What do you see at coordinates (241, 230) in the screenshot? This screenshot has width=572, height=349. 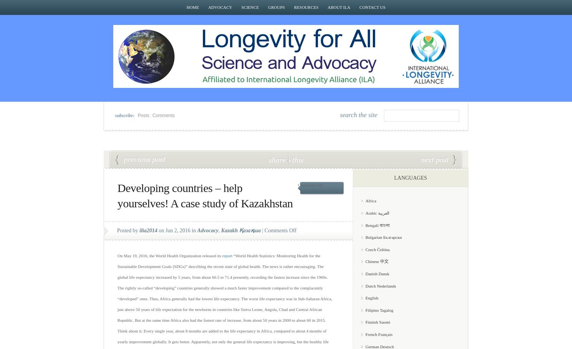 I see `'Kazakh Қазақша'` at bounding box center [241, 230].